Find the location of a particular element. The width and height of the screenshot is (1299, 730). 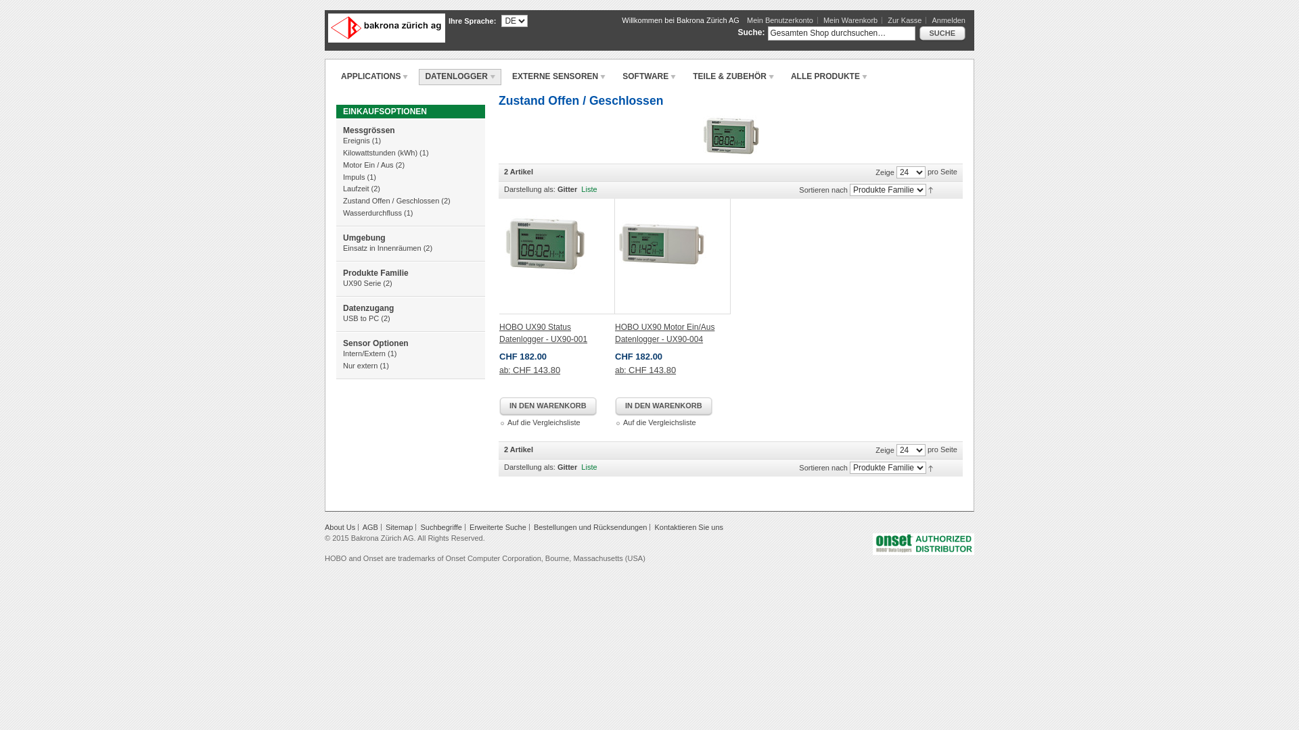

'Liste' is located at coordinates (589, 466).